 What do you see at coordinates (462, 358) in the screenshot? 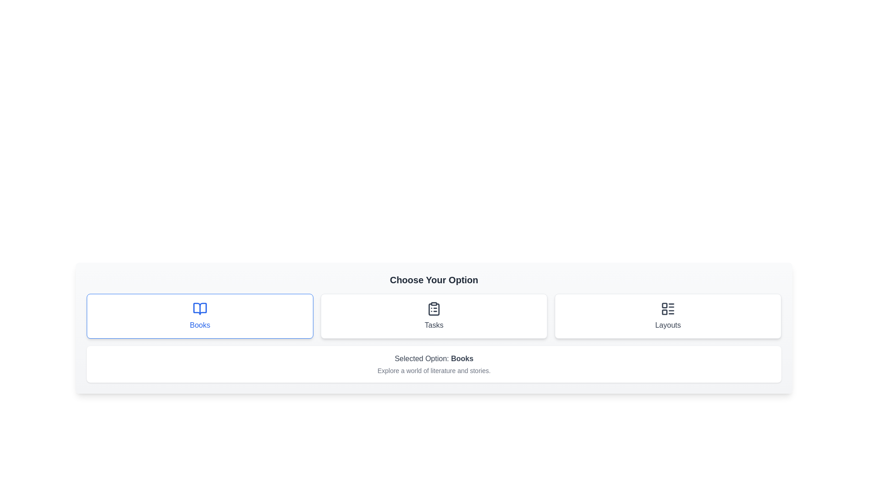
I see `the text label that displays 'Books', which is styled in bold, compact sans-serif font and is part of the description line indicating the selected option` at bounding box center [462, 358].